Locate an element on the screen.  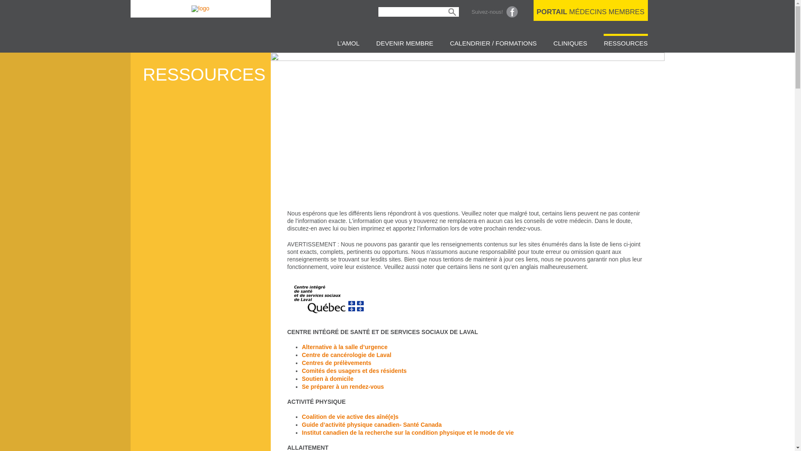
'CLINIQUES' is located at coordinates (553, 42).